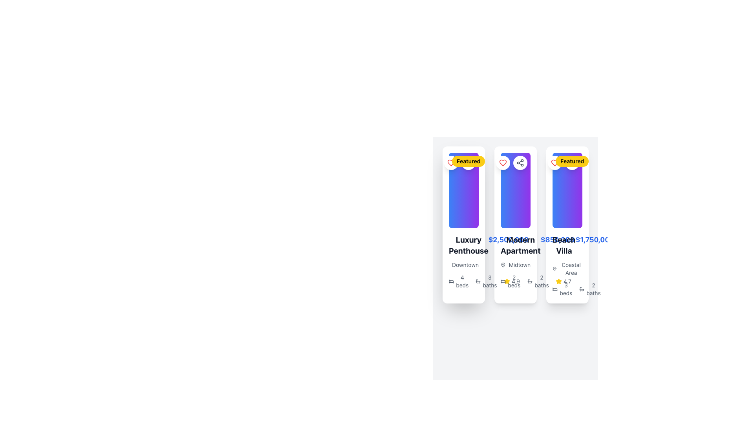  Describe the element at coordinates (503, 281) in the screenshot. I see `the small bed icon with a thin outline located within the '2 beds' label at the bottom of the 'Modern Apartment' card` at that location.